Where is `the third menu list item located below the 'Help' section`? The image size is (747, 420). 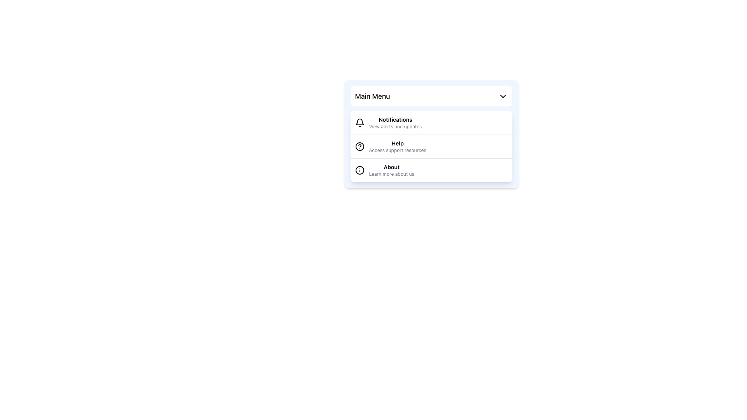
the third menu list item located below the 'Help' section is located at coordinates (431, 170).